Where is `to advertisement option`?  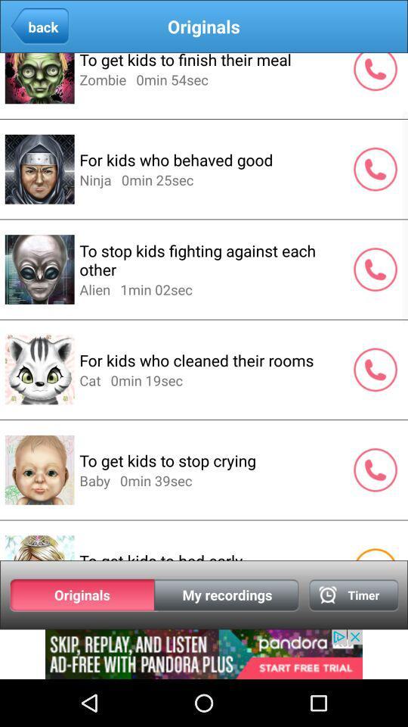 to advertisement option is located at coordinates (204, 654).